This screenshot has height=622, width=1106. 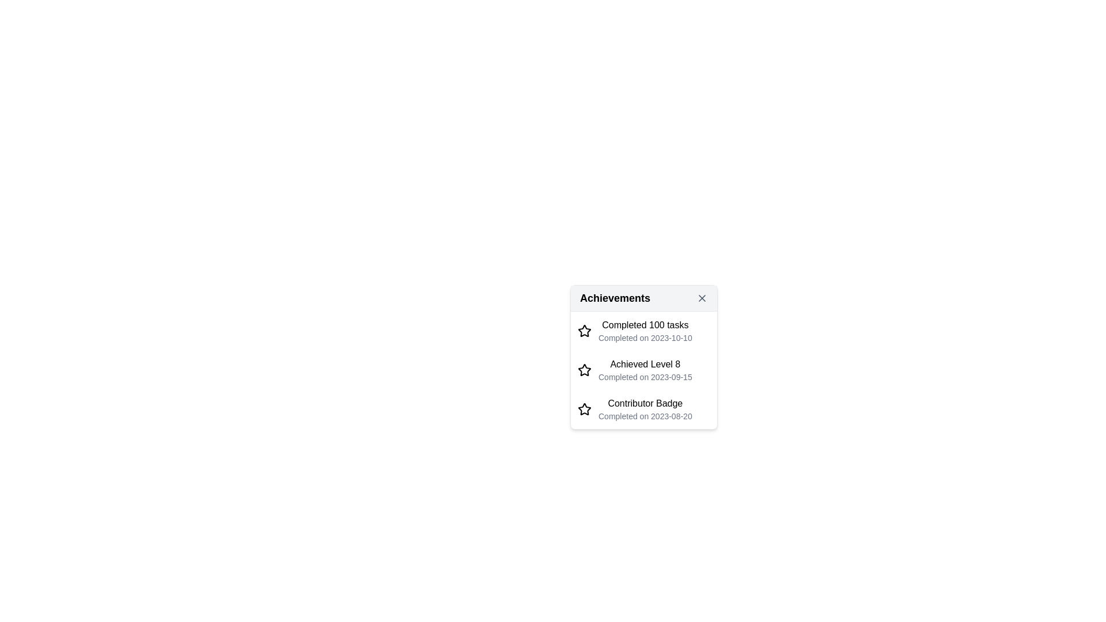 I want to click on the list item labeled 'Contributor Badge' which is the third entry in the achievements dialog, positioned between 'Achieved Level 8' and the next entry, so click(x=643, y=408).